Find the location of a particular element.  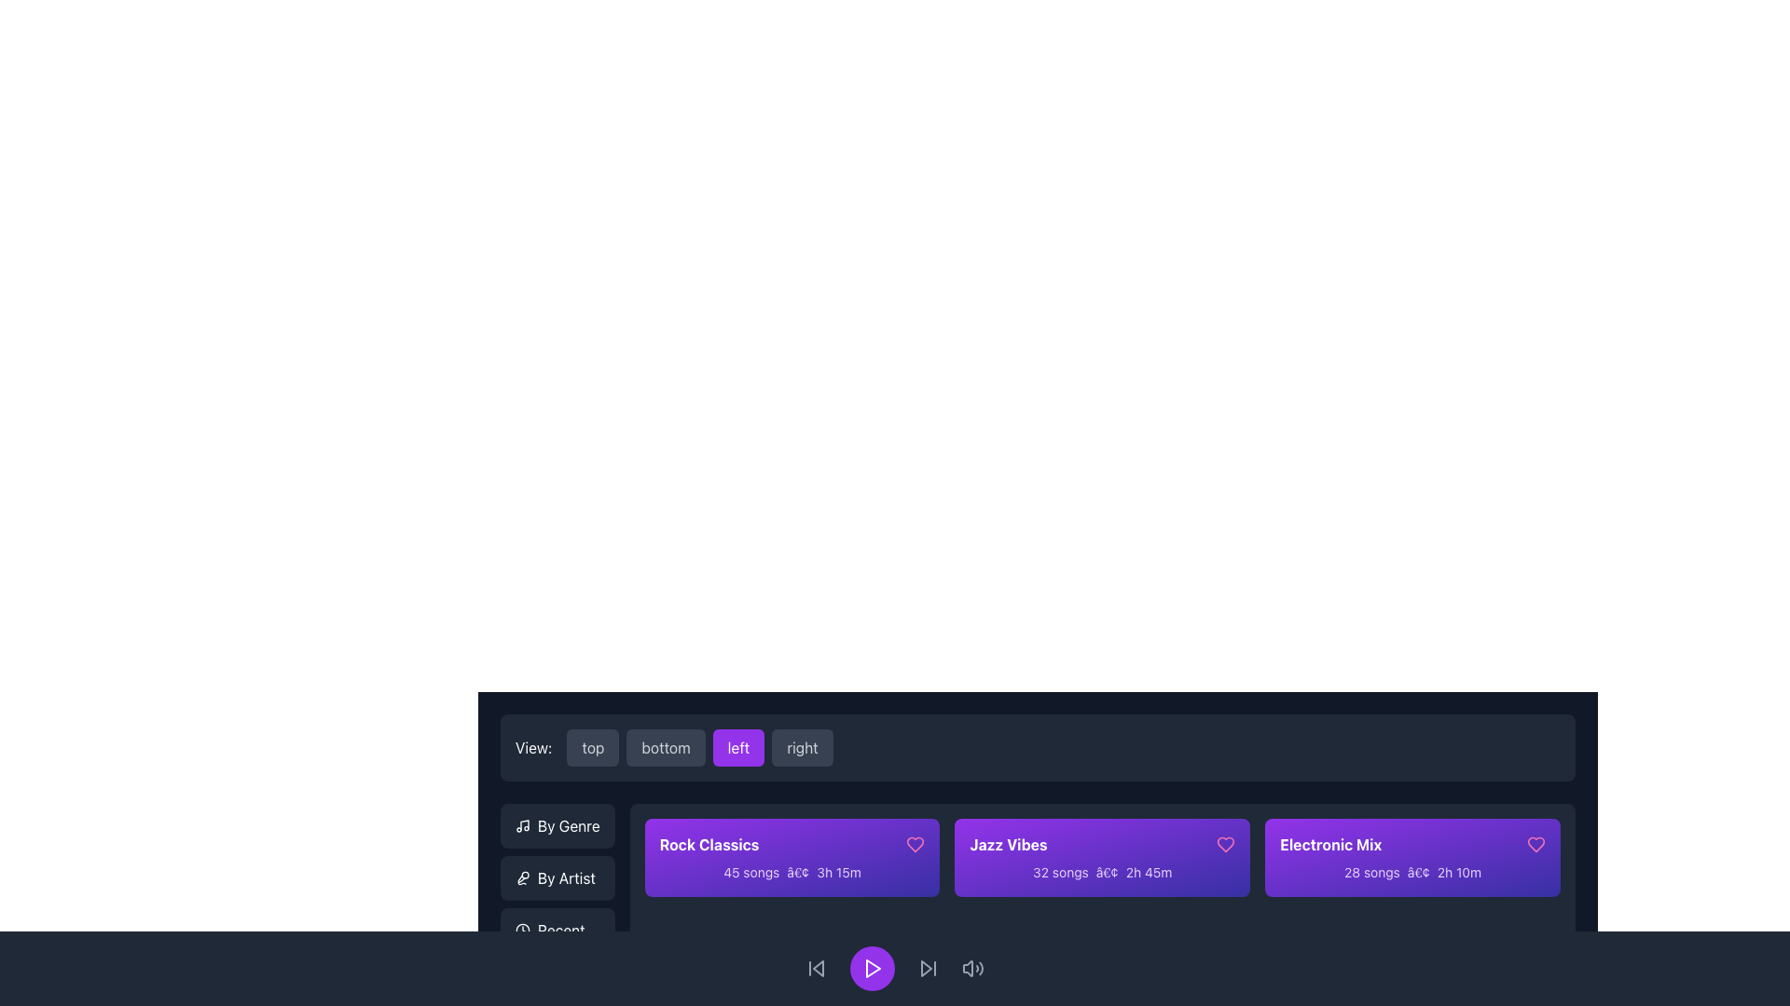

the back navigation icon, which is an SVG shape within the media control bar is located at coordinates (819, 968).